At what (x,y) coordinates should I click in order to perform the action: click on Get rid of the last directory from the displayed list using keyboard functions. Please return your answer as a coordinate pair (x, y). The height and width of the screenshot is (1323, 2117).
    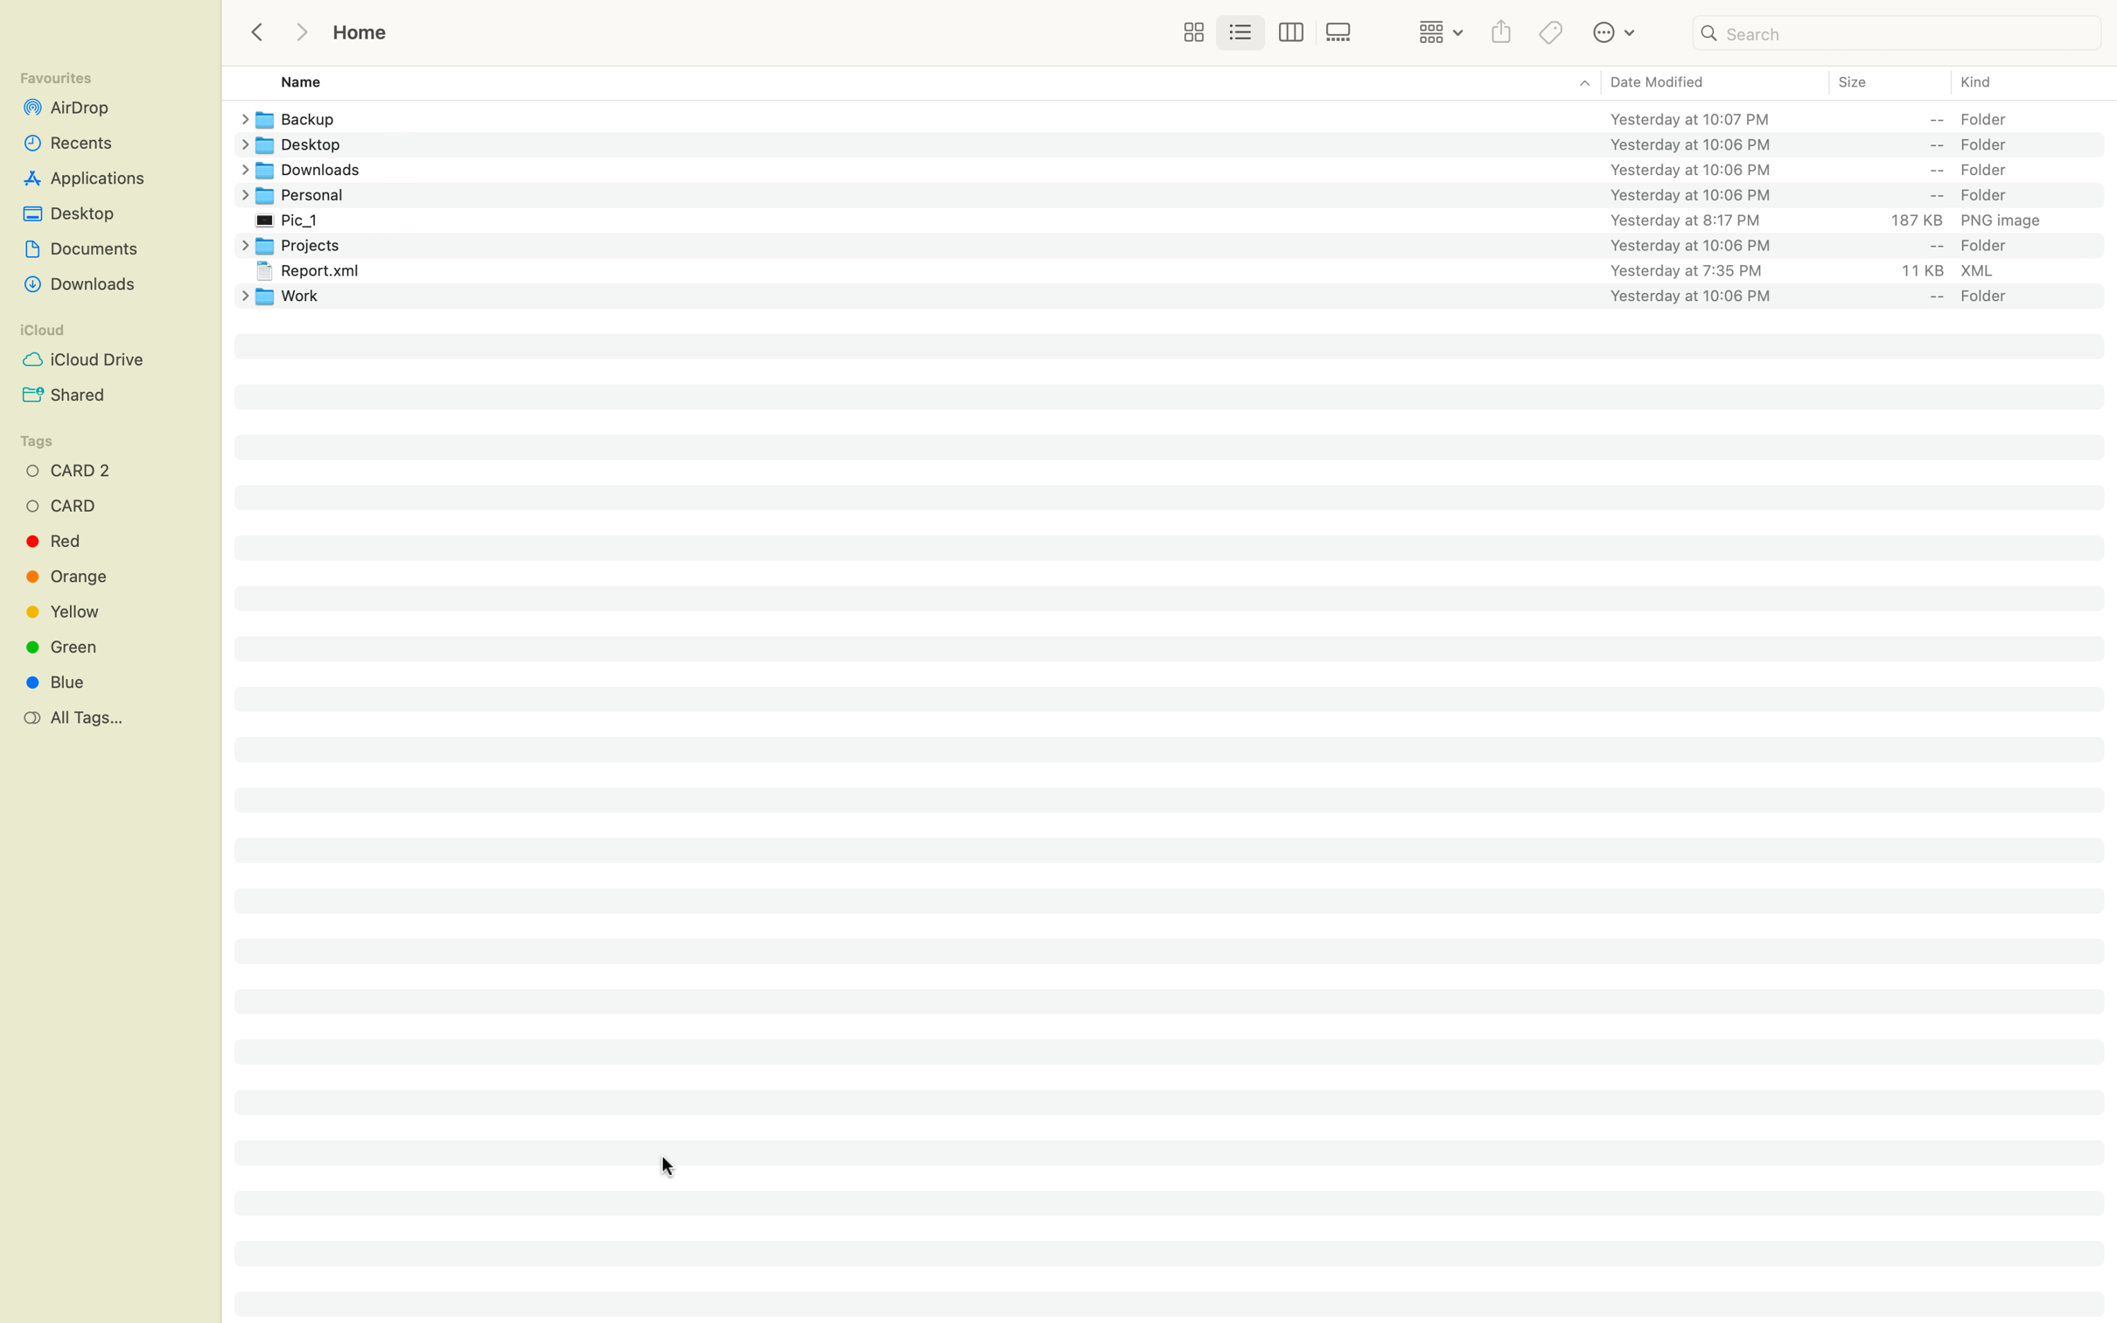
    Looking at the image, I should click on (1184, 294).